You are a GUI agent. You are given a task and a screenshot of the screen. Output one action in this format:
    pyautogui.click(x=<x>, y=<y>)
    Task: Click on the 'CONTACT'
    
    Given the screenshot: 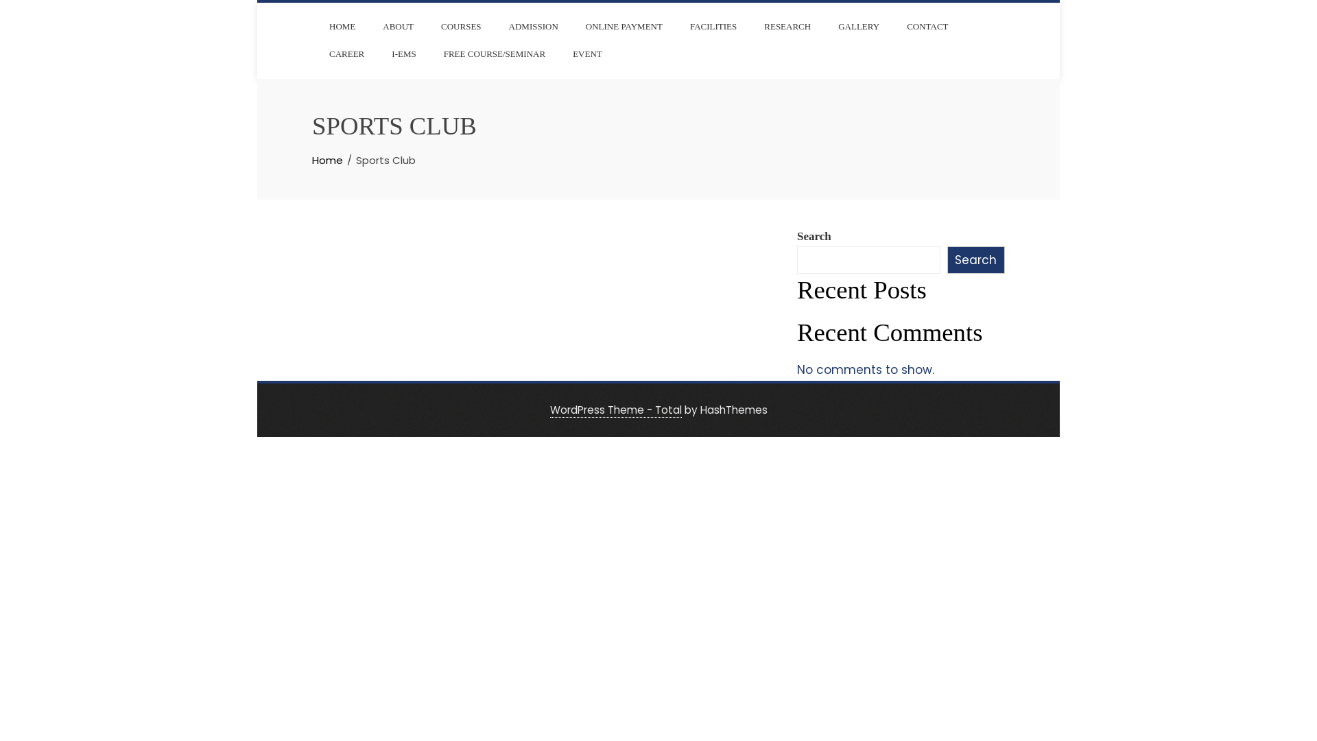 What is the action you would take?
    pyautogui.click(x=896, y=26)
    